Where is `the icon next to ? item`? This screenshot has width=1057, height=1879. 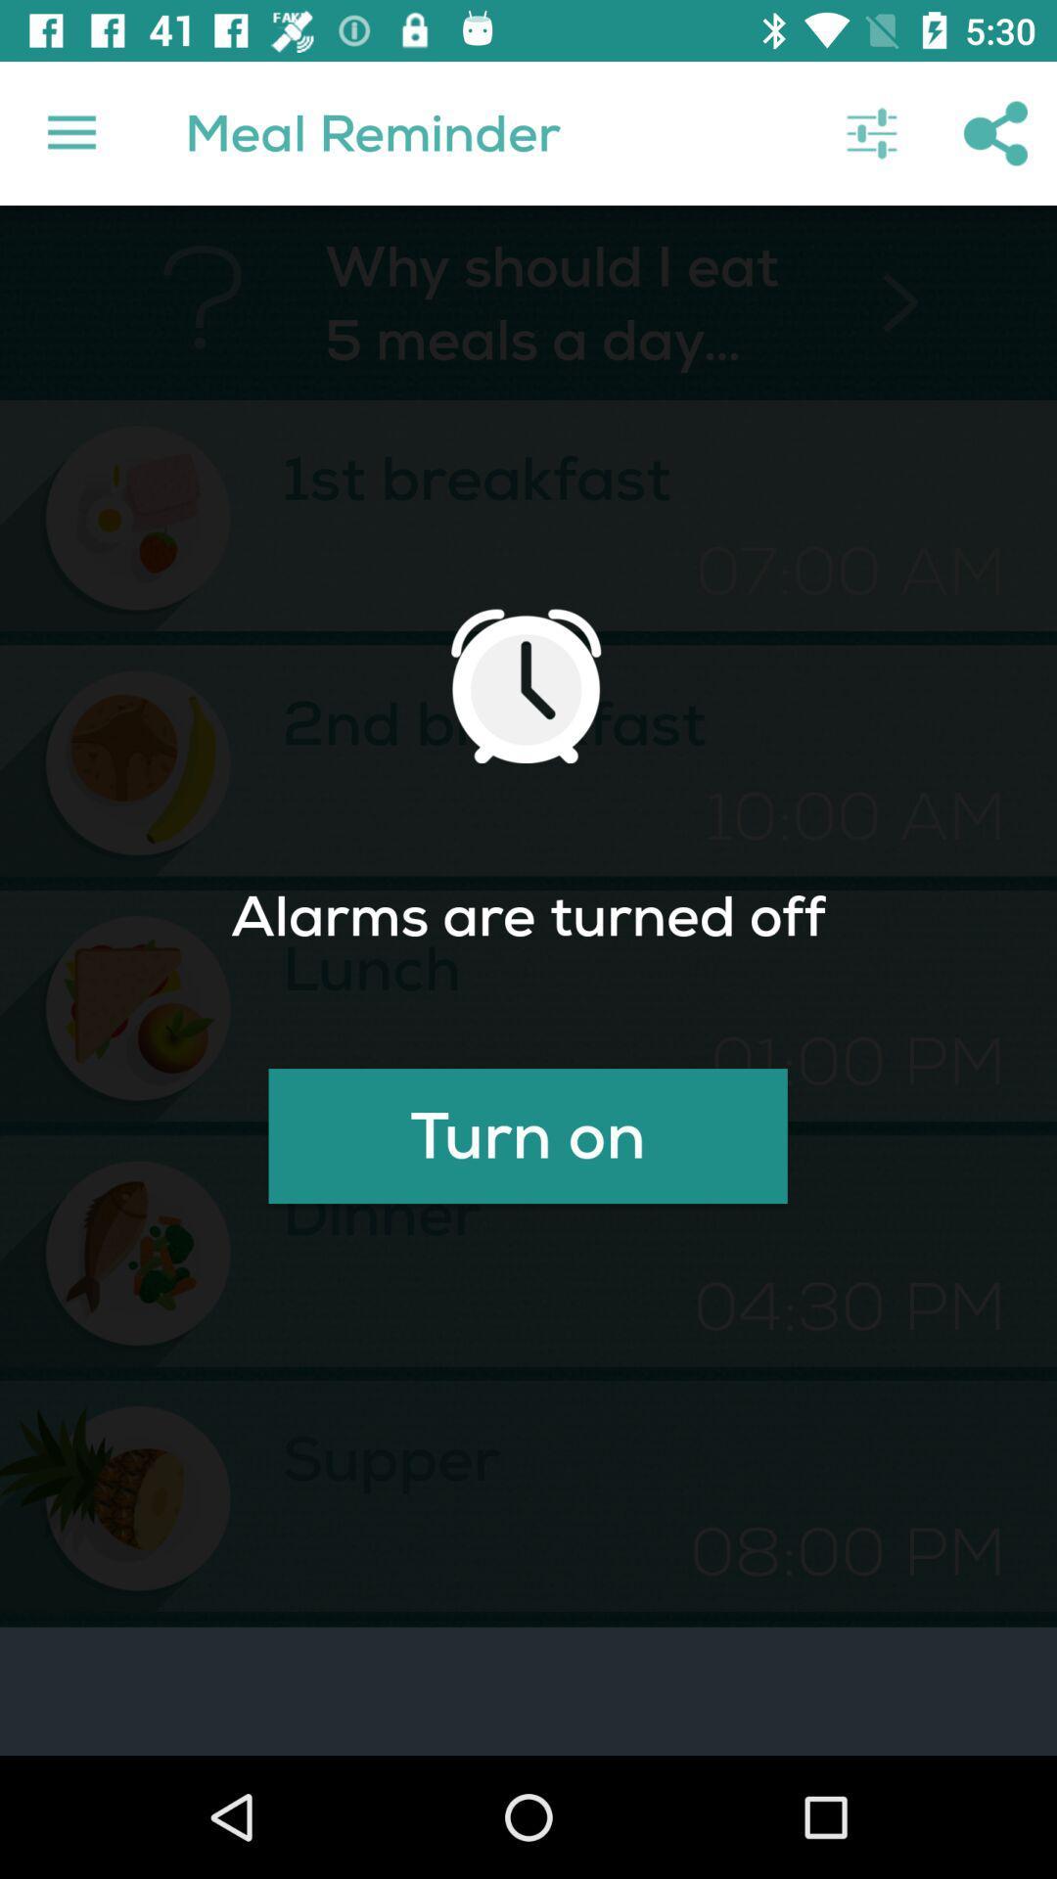 the icon next to ? item is located at coordinates (70, 132).